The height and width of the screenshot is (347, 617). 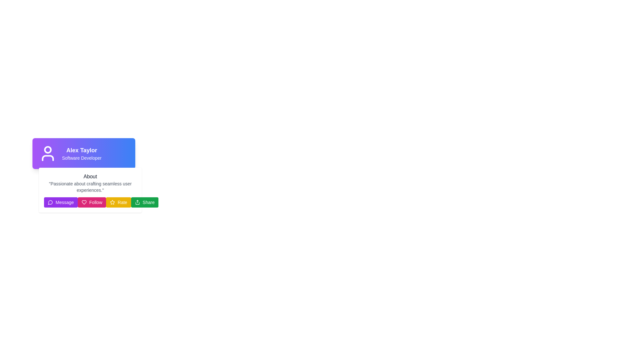 What do you see at coordinates (92, 202) in the screenshot?
I see `the pink 'Follow' button with white text and a heart icon located at the bottom of the card, which is the second button in a row of buttons` at bounding box center [92, 202].